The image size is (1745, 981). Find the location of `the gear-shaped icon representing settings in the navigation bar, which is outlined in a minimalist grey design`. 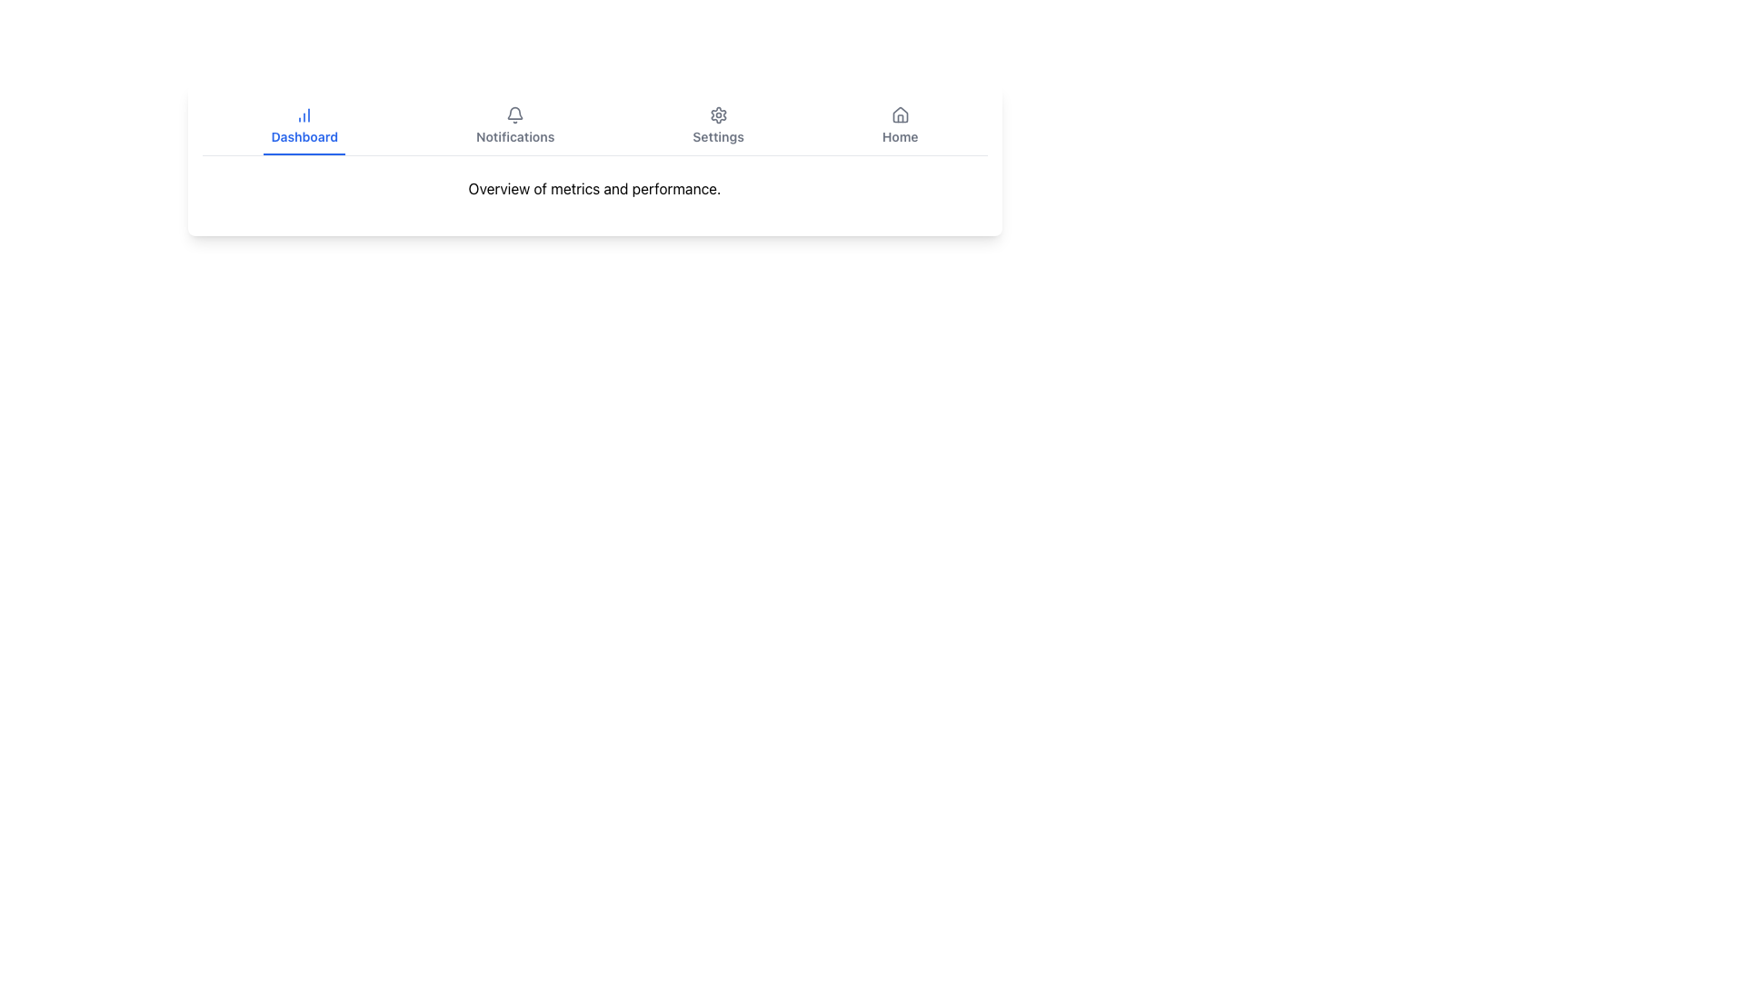

the gear-shaped icon representing settings in the navigation bar, which is outlined in a minimalist grey design is located at coordinates (717, 115).